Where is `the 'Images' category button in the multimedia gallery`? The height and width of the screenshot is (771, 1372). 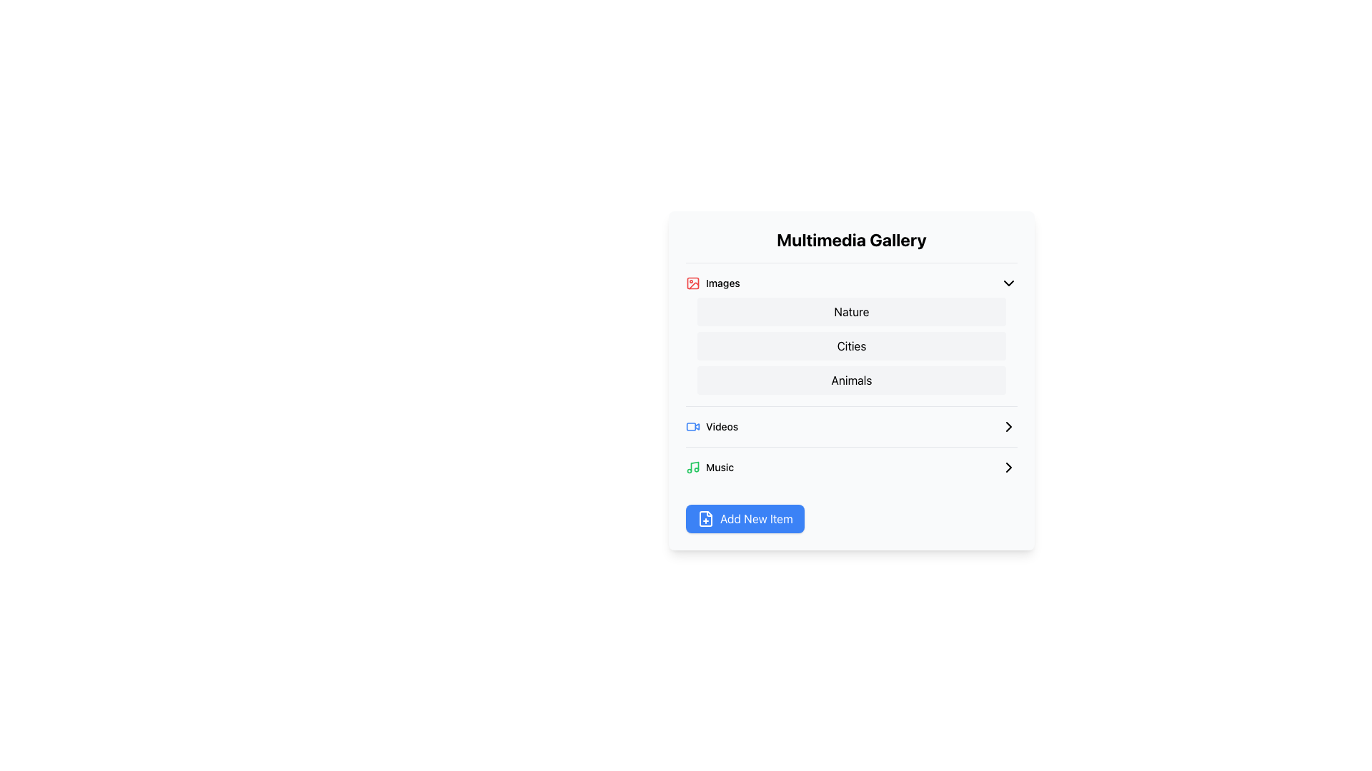
the 'Images' category button in the multimedia gallery is located at coordinates (712, 283).